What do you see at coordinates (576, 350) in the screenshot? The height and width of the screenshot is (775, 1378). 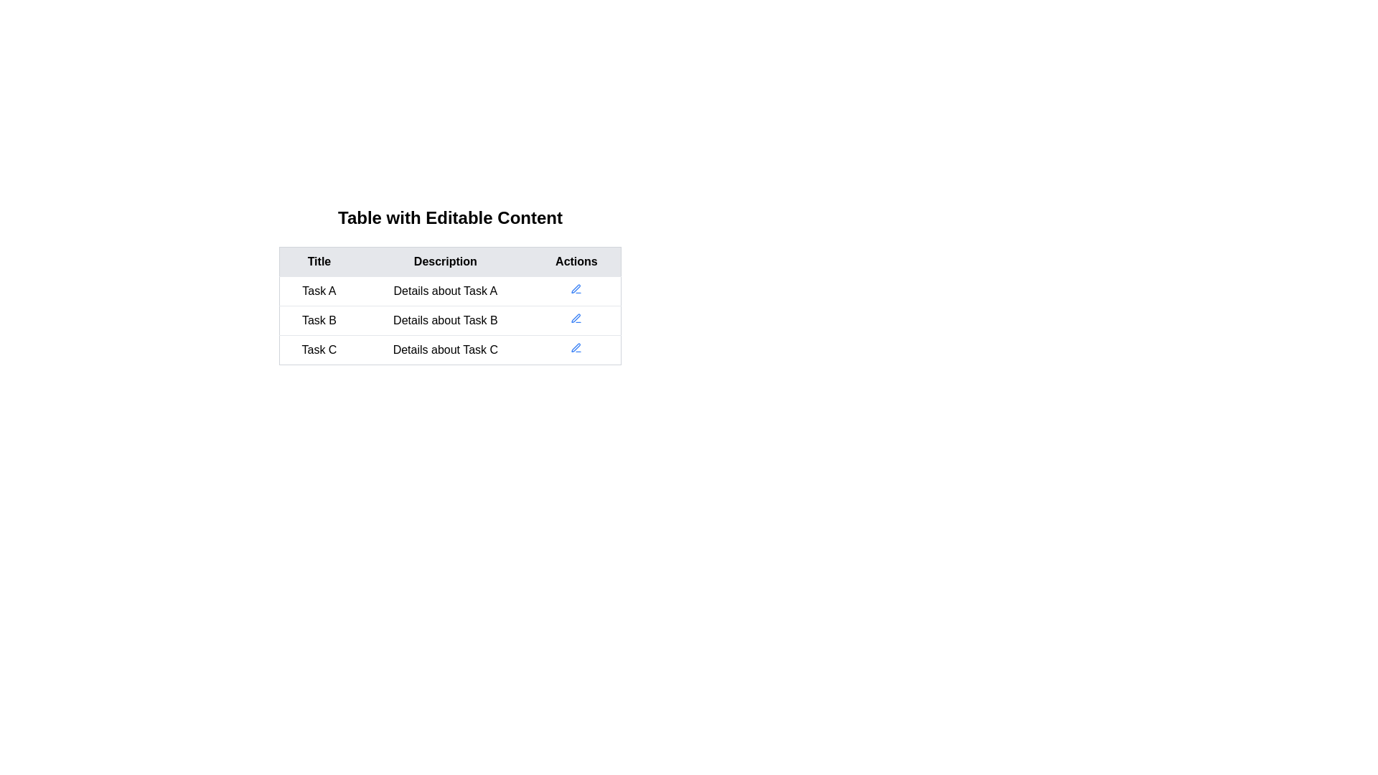 I see `the edit icon button located in the Actions column of the table corresponding to 'Task C' to initiate an edit action` at bounding box center [576, 350].